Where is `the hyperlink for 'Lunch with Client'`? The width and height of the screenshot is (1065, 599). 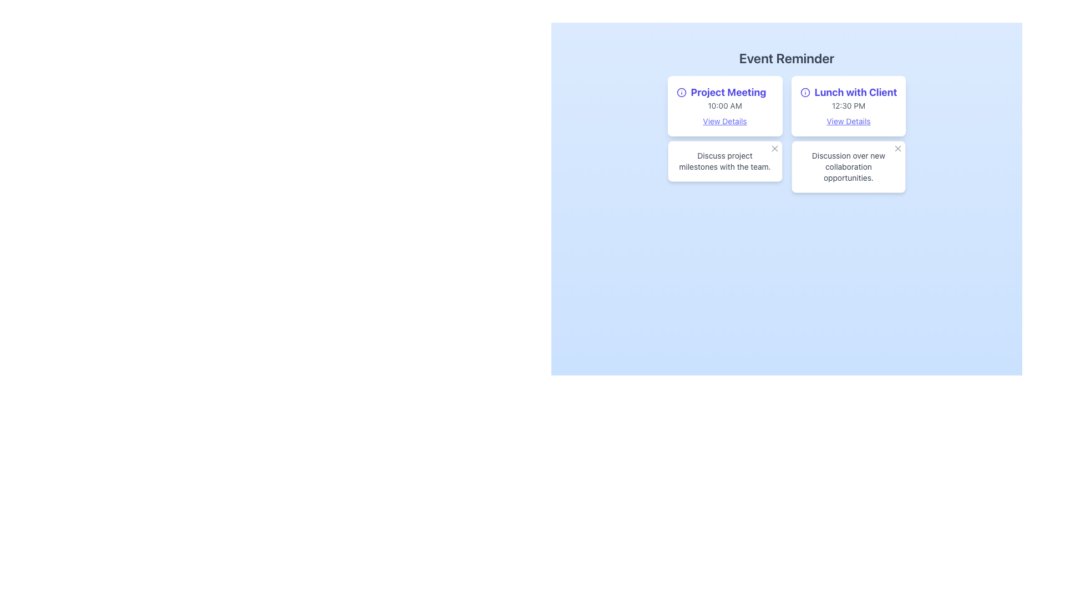
the hyperlink for 'Lunch with Client' is located at coordinates (848, 121).